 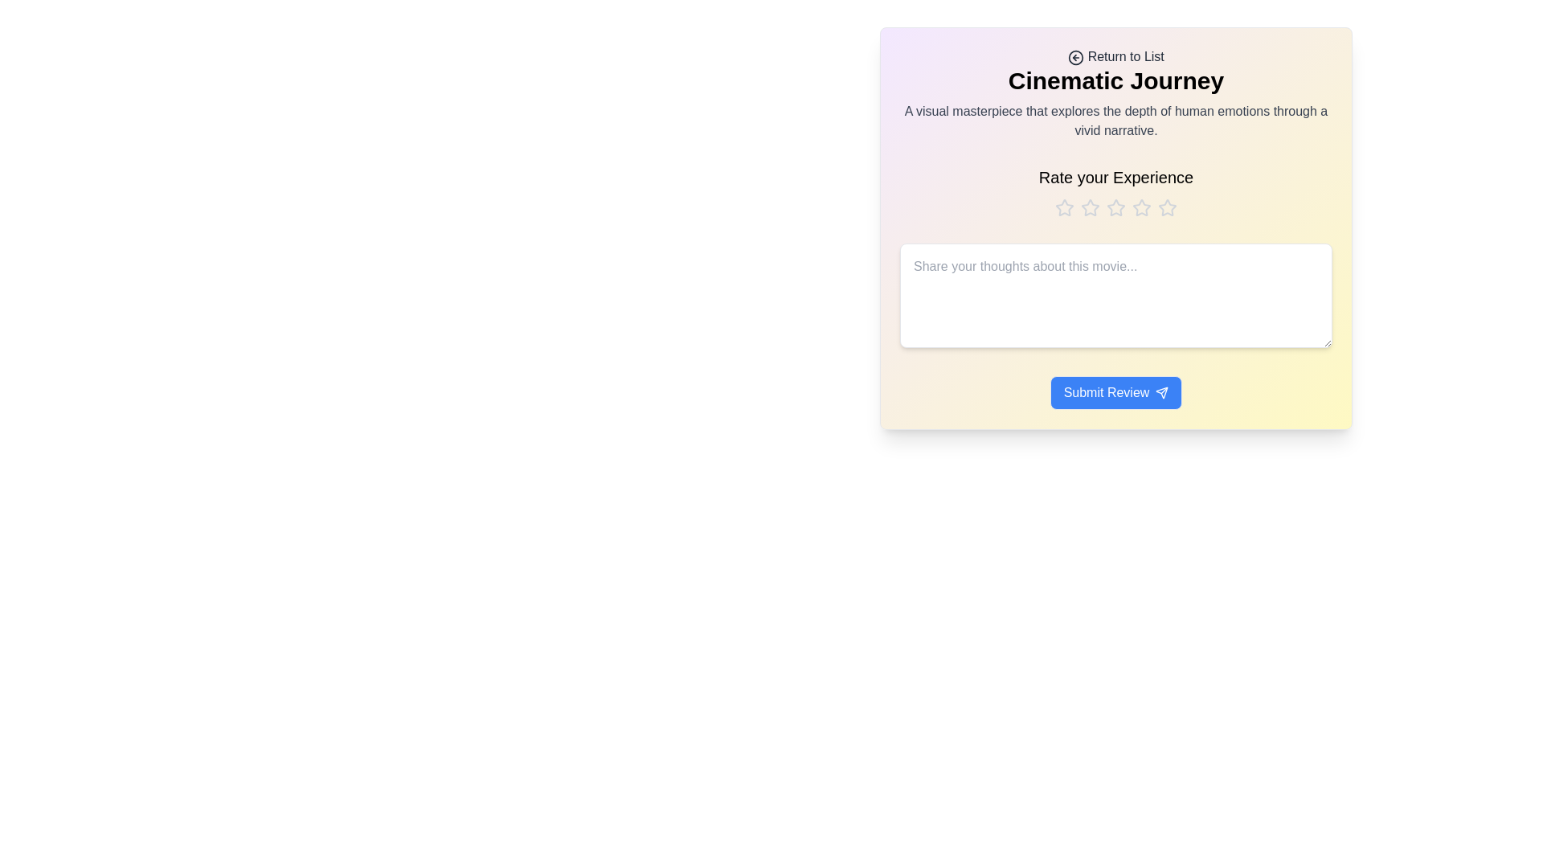 What do you see at coordinates (1091, 207) in the screenshot?
I see `the second star icon in the rating scale` at bounding box center [1091, 207].